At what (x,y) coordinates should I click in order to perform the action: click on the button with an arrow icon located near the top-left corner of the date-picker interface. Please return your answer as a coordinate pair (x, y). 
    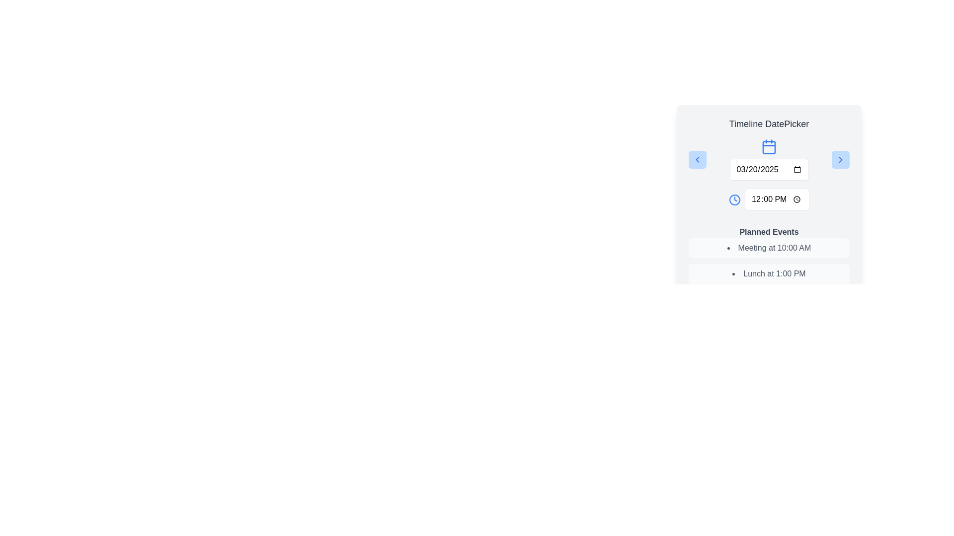
    Looking at the image, I should click on (697, 159).